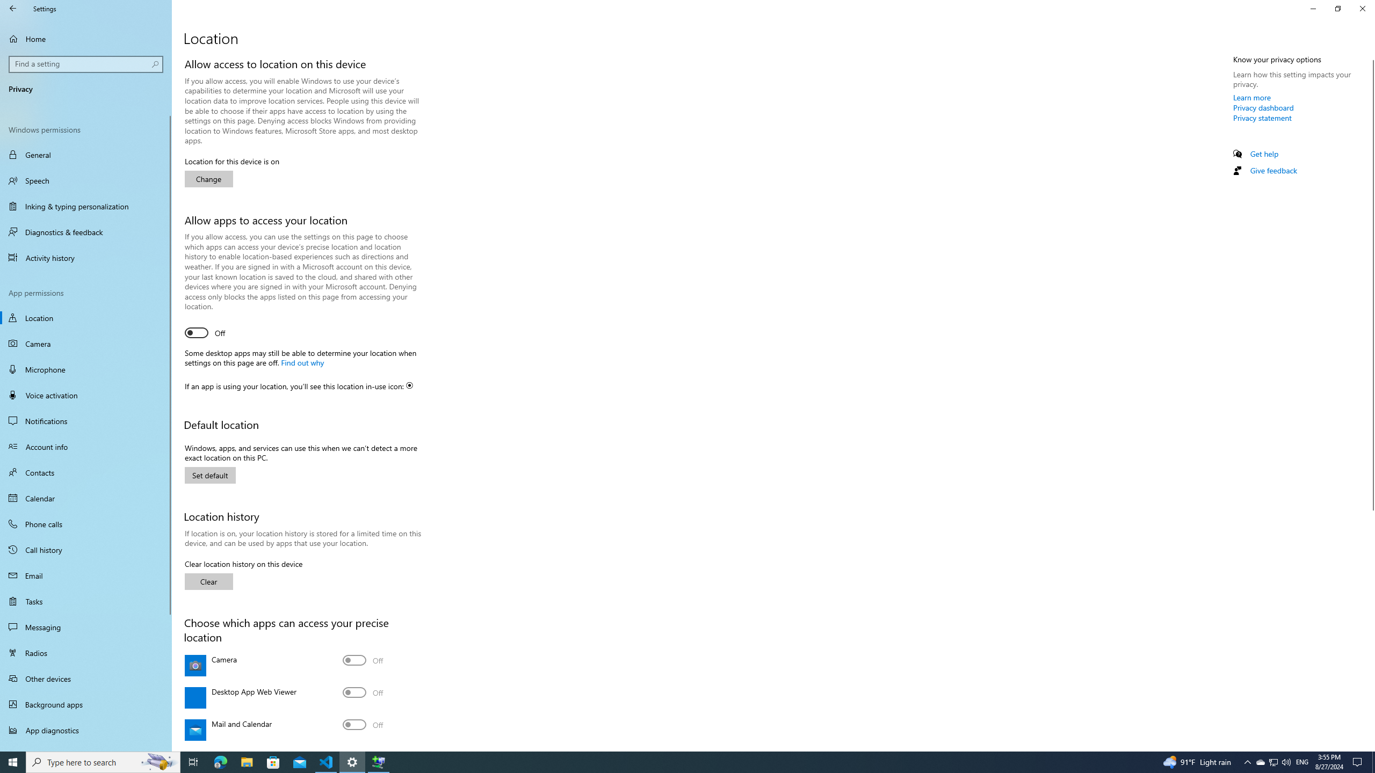  I want to click on 'Voice activation', so click(85, 395).